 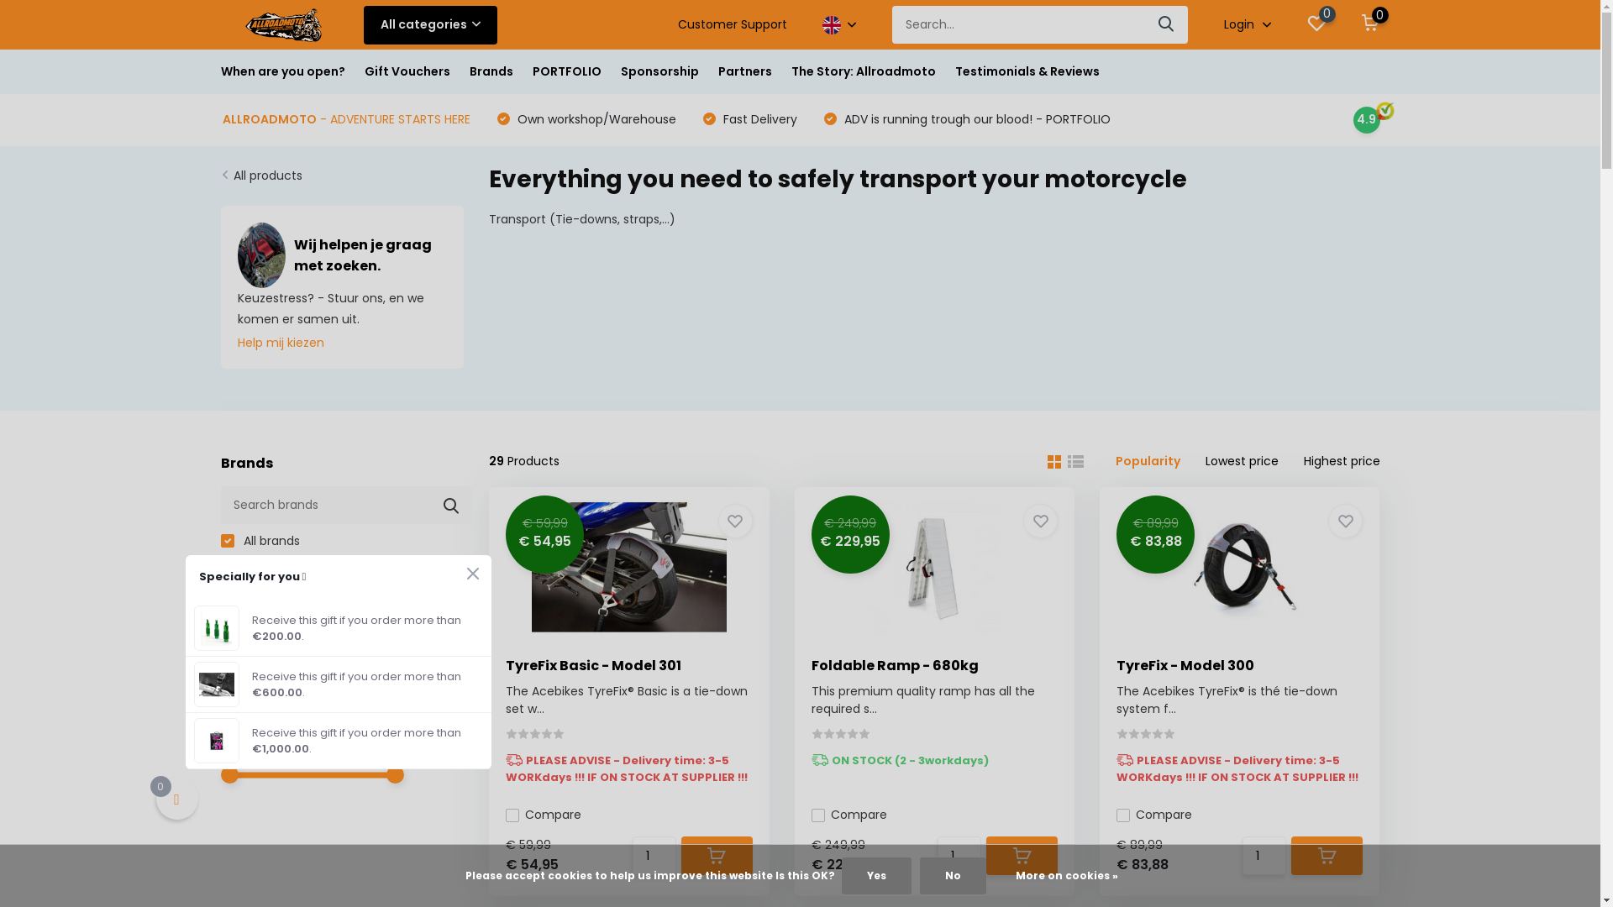 I want to click on 'Brands', so click(x=490, y=71).